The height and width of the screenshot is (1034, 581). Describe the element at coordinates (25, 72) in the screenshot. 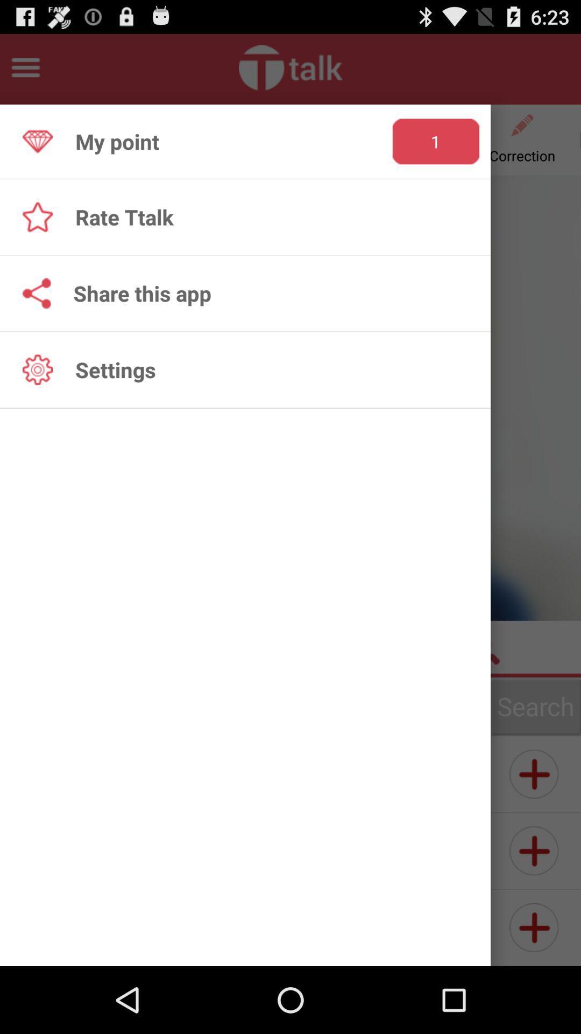

I see `the menu icon` at that location.